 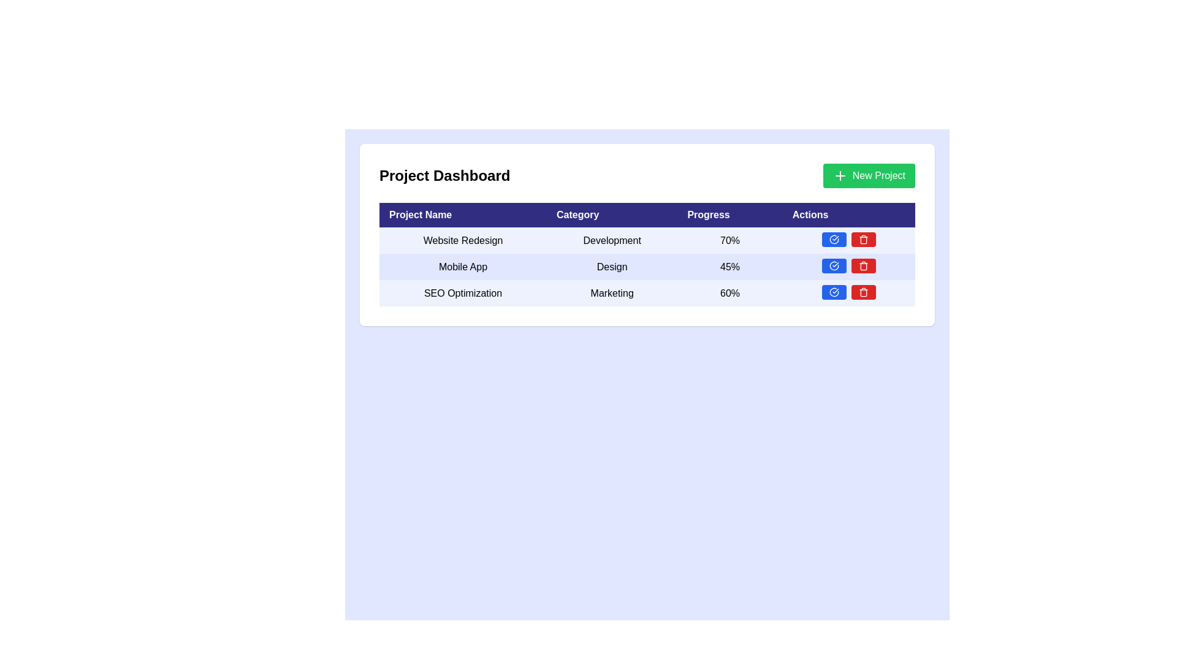 I want to click on text displayed in the 'Category' column for the 'SEO Optimization' project entry, located in the second column of the last row of the dashboard table, so click(x=612, y=293).